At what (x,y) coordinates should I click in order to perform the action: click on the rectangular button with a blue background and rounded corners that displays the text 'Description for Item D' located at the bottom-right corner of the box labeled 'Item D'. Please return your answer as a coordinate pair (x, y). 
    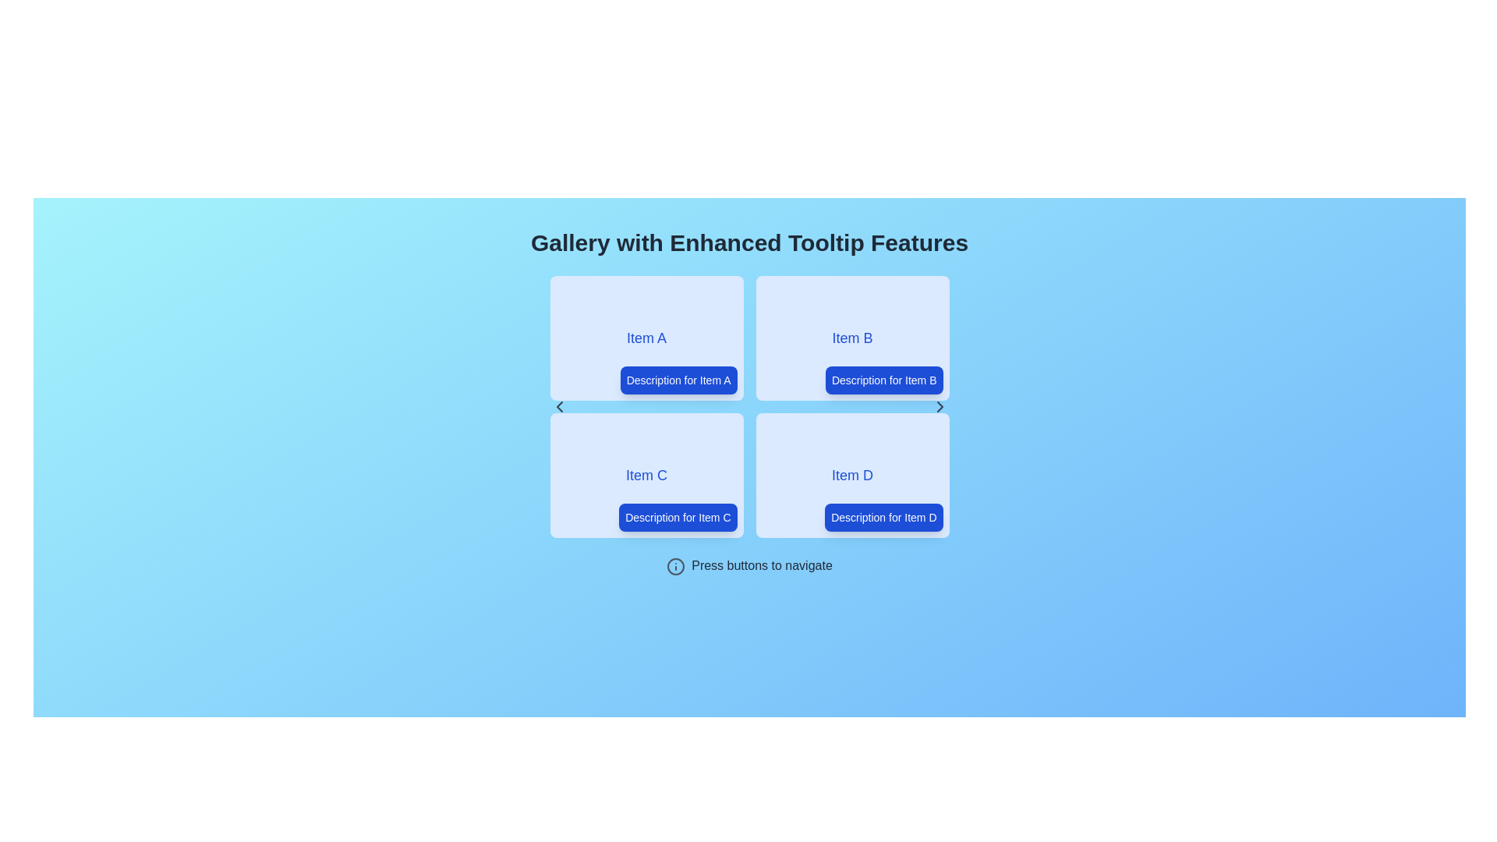
    Looking at the image, I should click on (883, 517).